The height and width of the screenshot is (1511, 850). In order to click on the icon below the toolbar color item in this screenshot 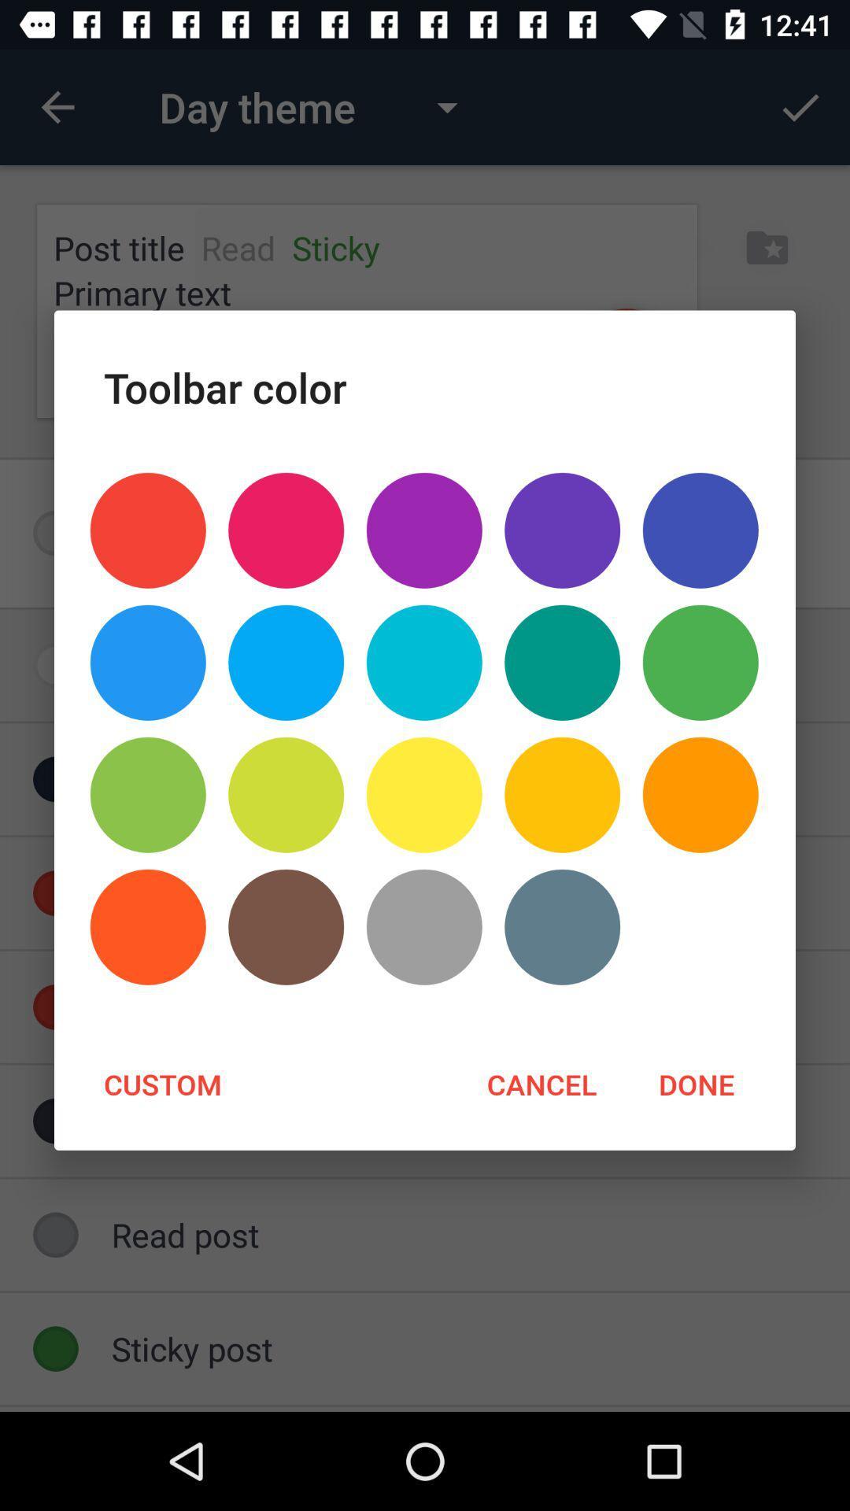, I will do `click(561, 530)`.